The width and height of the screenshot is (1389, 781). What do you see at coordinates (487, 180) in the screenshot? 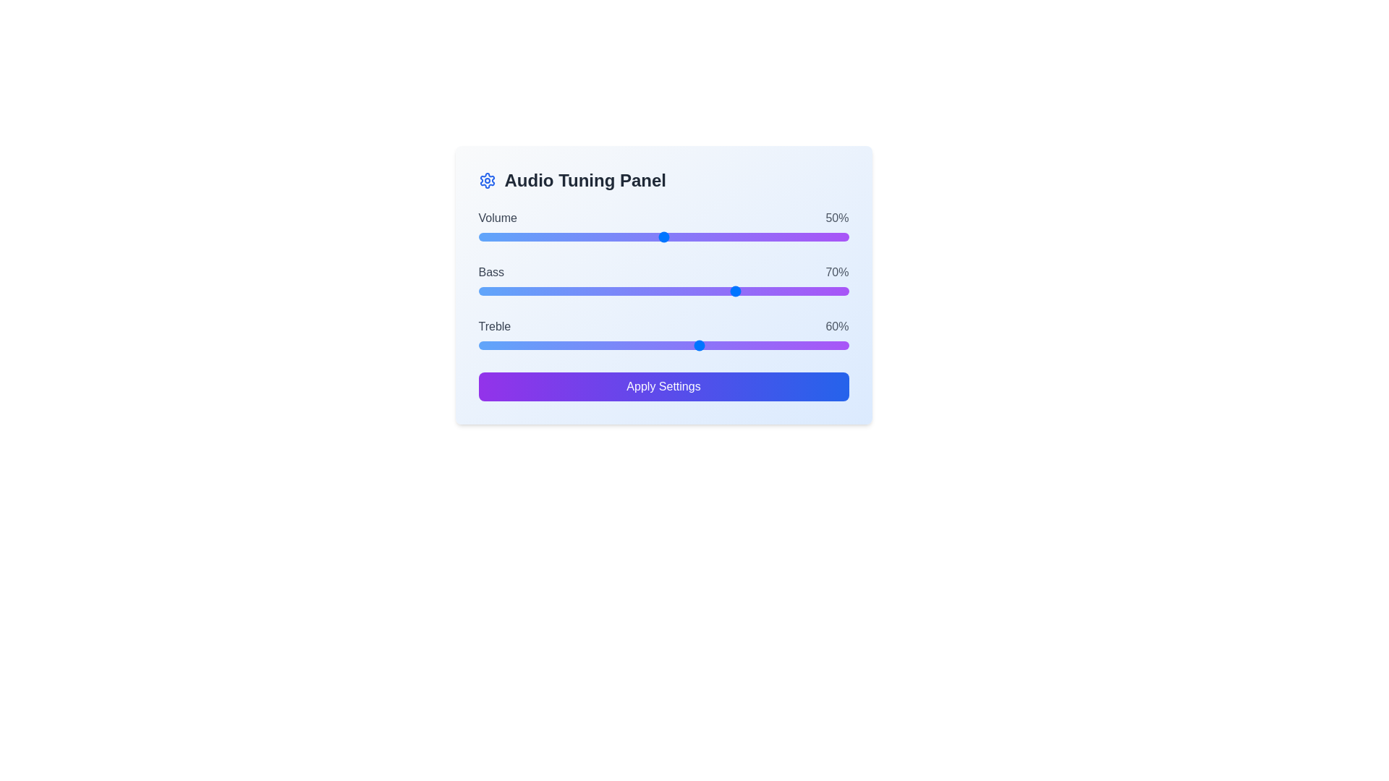
I see `the Settings icon, which resembles a gear and is located in the top-left corner of the 'Audio Tuning Panel' card` at bounding box center [487, 180].